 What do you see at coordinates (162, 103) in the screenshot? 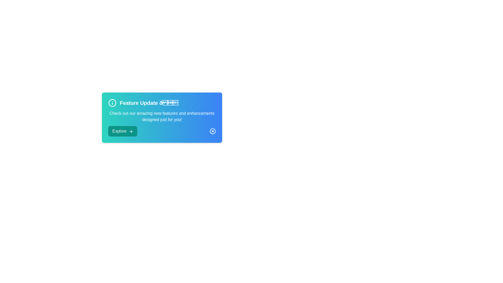
I see `the text of the alert's title` at bounding box center [162, 103].